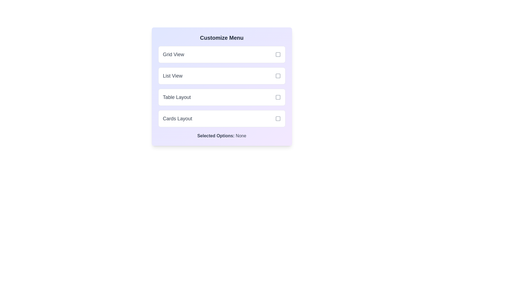 The width and height of the screenshot is (526, 296). Describe the element at coordinates (222, 97) in the screenshot. I see `the unselected checkbox labeled 'Table Layout'` at that location.